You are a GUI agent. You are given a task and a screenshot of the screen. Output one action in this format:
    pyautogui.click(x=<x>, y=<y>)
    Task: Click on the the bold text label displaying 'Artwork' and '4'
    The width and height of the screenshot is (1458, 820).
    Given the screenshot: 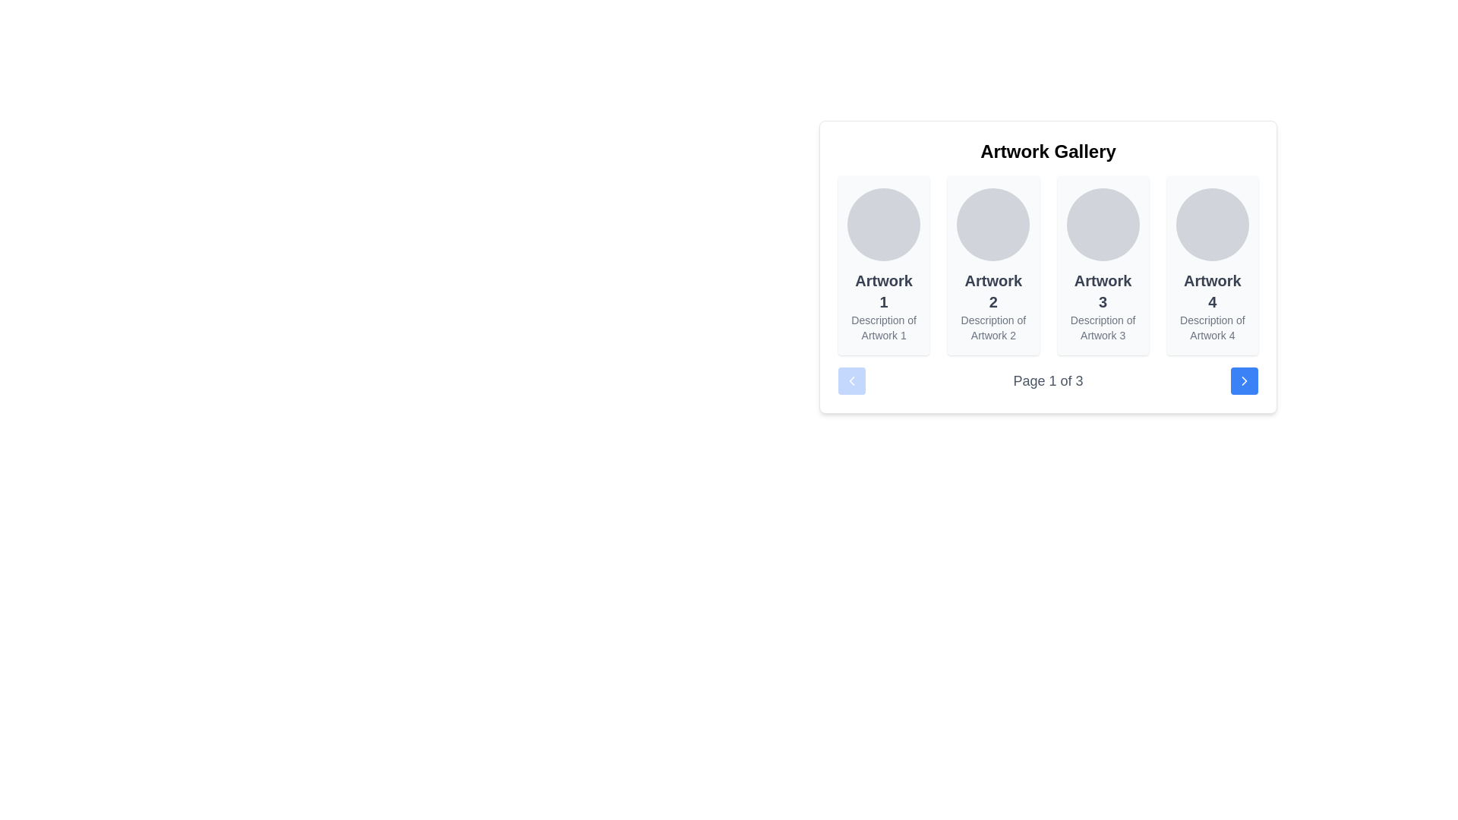 What is the action you would take?
    pyautogui.click(x=1211, y=292)
    